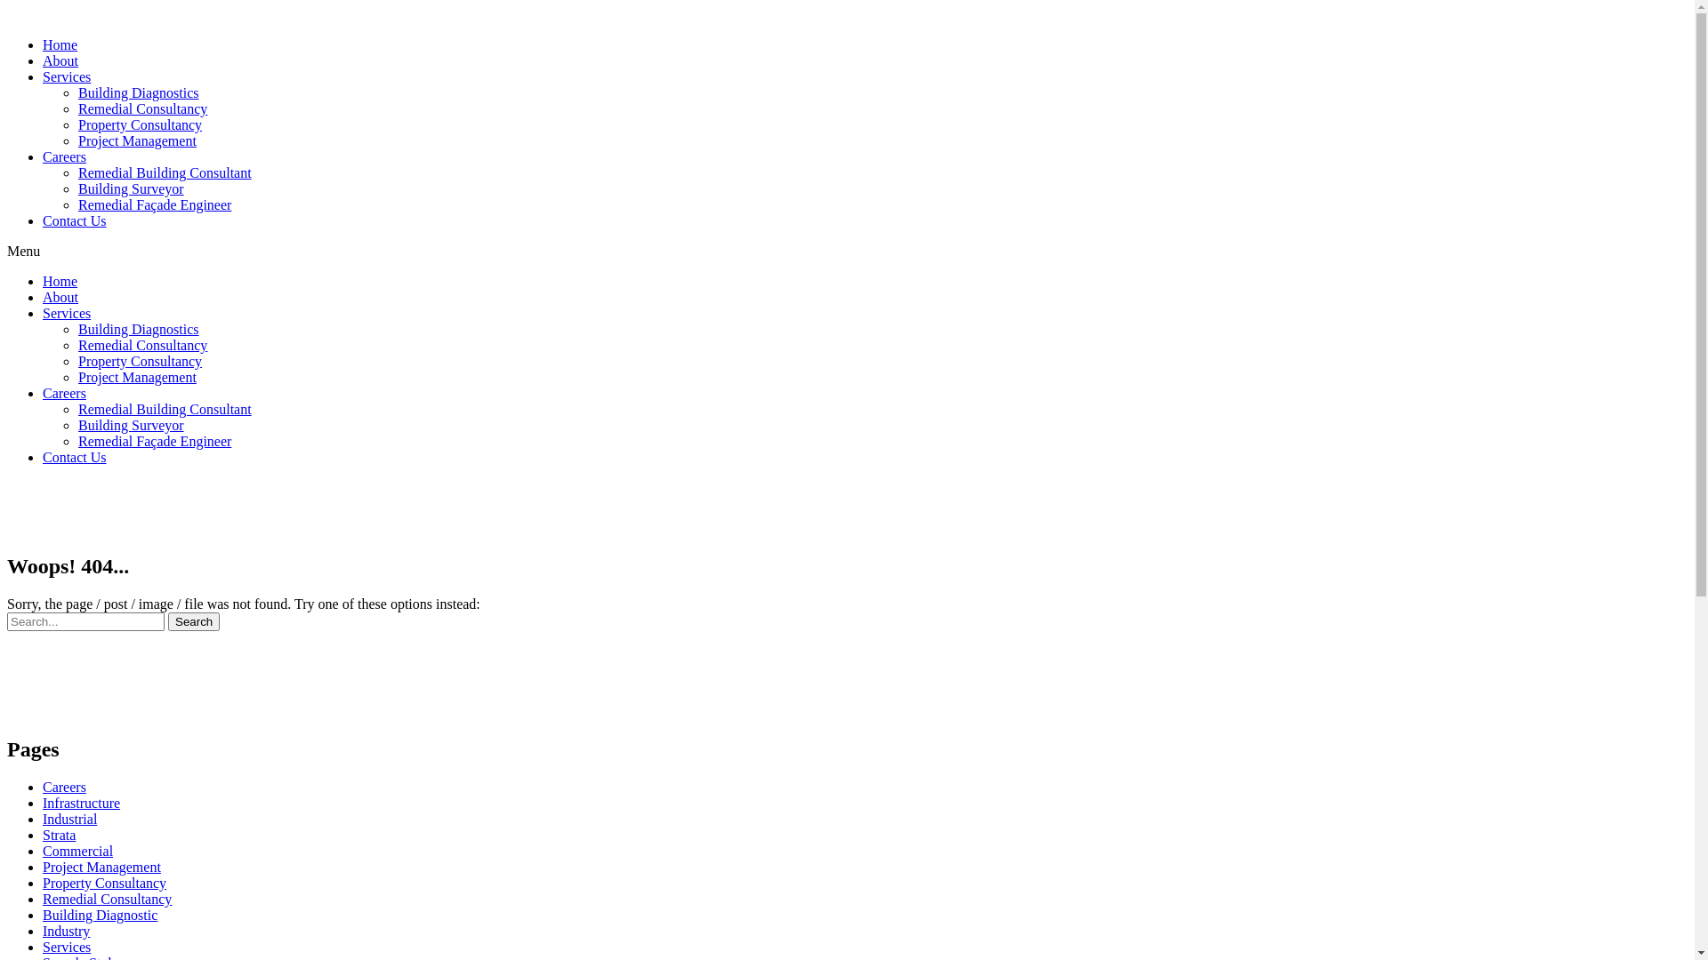 Image resolution: width=1708 pixels, height=960 pixels. I want to click on 'Remedial Consultancy', so click(106, 899).